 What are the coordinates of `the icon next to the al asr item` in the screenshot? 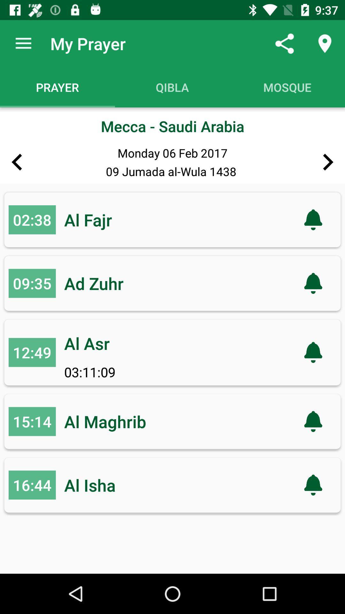 It's located at (32, 352).